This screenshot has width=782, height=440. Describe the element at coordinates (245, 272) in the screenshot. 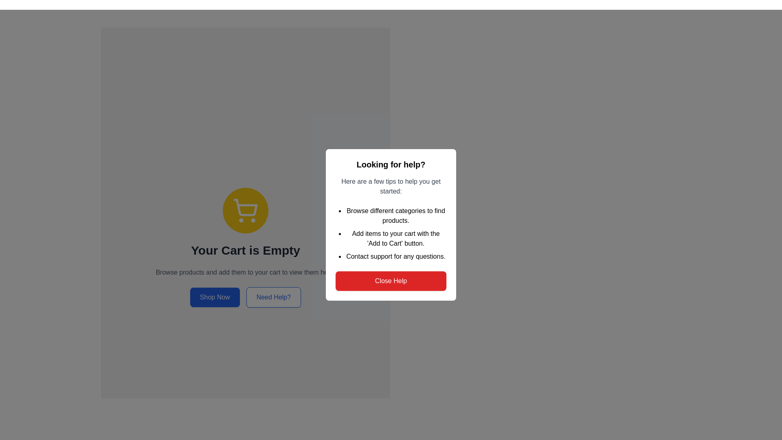

I see `the text label that encourages users` at that location.